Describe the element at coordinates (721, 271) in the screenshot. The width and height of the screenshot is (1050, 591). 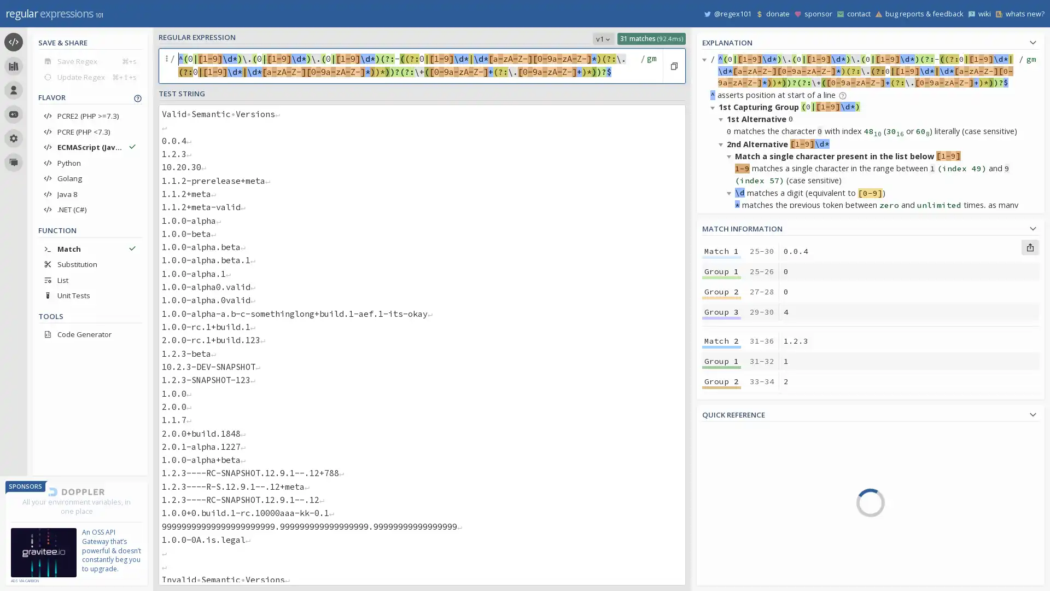
I see `Group 1` at that location.